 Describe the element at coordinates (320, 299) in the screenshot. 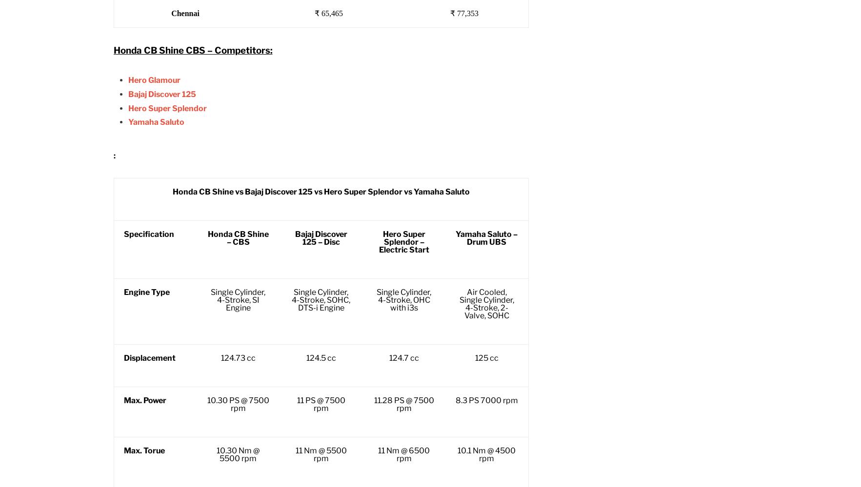

I see `'Single Cylinder, 4-Stroke, SOHC, DTS-i Engine'` at that location.